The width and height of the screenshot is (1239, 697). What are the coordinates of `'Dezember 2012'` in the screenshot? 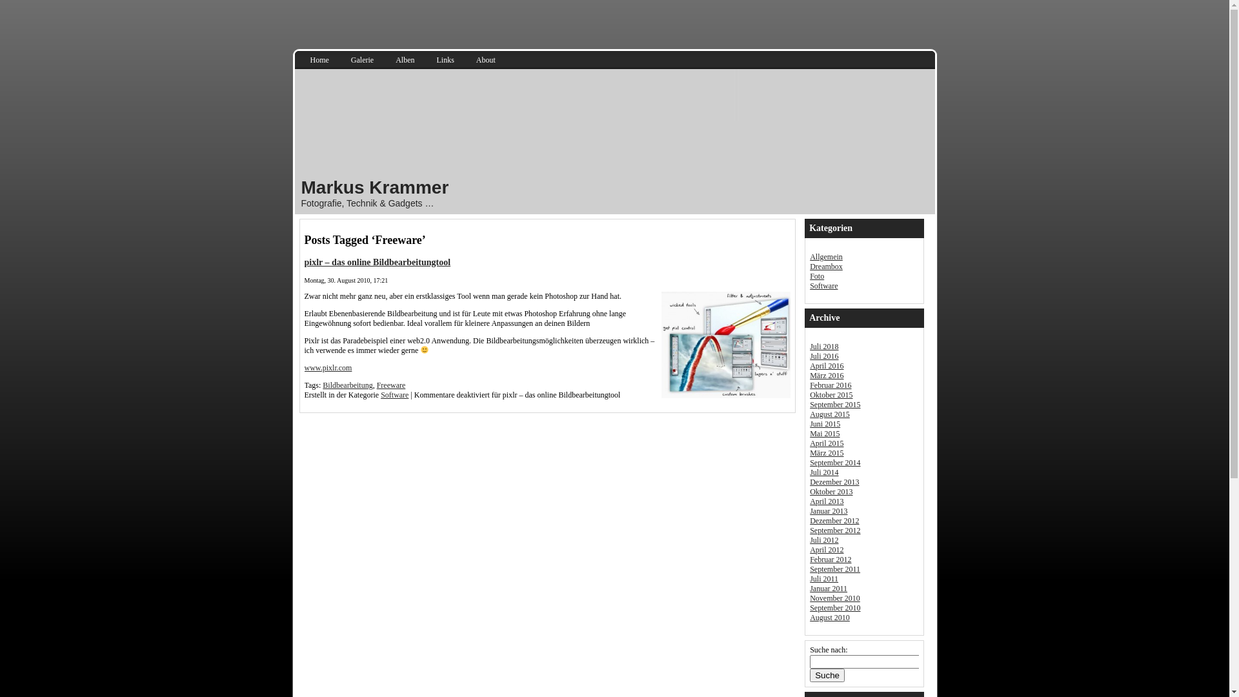 It's located at (834, 520).